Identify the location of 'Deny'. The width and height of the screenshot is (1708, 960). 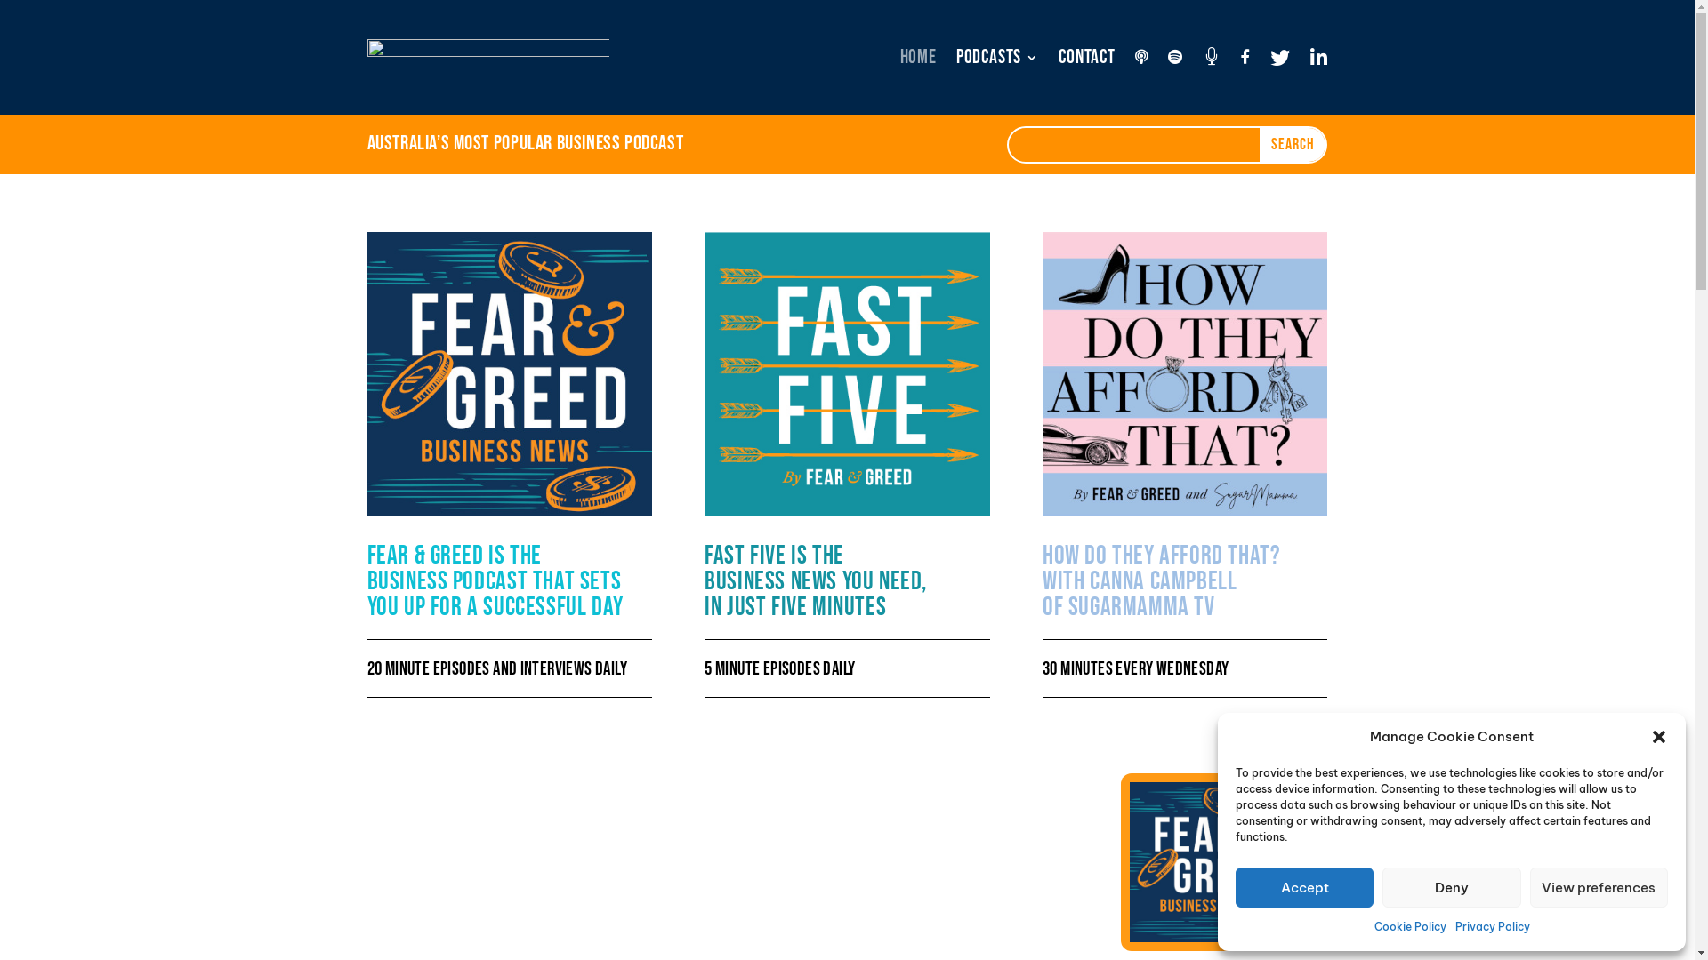
(1451, 887).